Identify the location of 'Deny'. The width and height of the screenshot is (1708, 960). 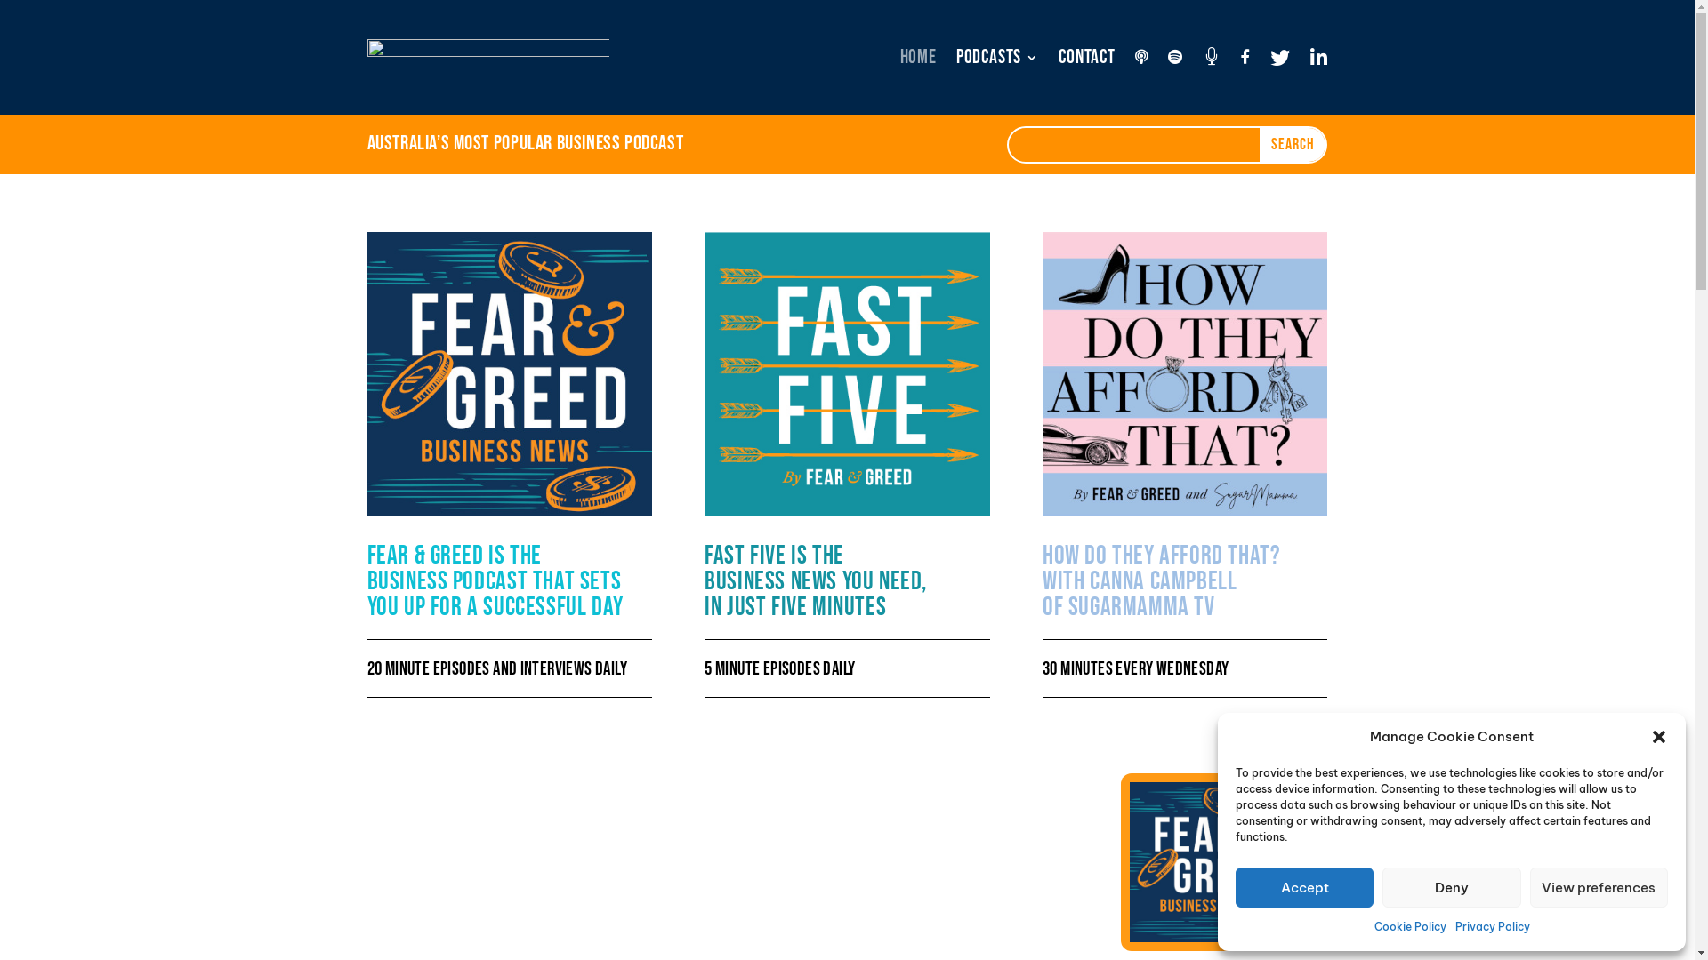
(1451, 887).